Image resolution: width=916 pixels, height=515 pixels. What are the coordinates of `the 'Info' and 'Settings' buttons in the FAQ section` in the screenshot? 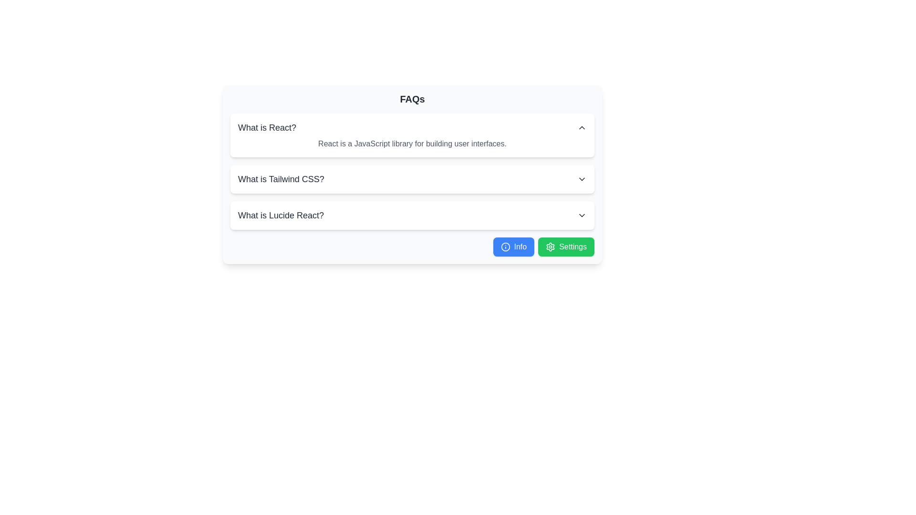 It's located at (412, 175).